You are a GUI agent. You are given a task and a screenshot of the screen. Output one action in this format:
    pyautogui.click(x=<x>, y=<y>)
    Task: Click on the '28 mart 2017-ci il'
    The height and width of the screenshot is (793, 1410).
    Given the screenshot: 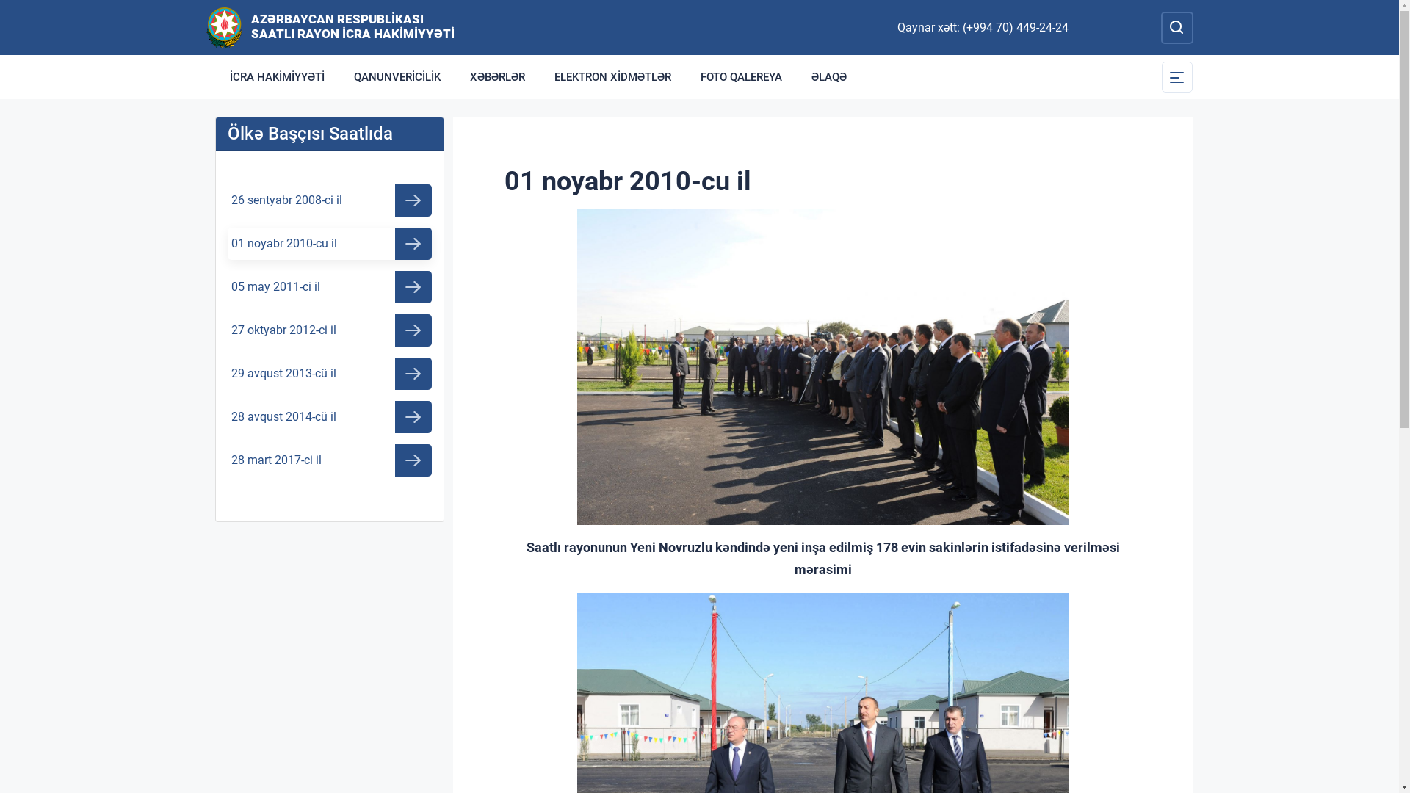 What is the action you would take?
    pyautogui.click(x=329, y=460)
    